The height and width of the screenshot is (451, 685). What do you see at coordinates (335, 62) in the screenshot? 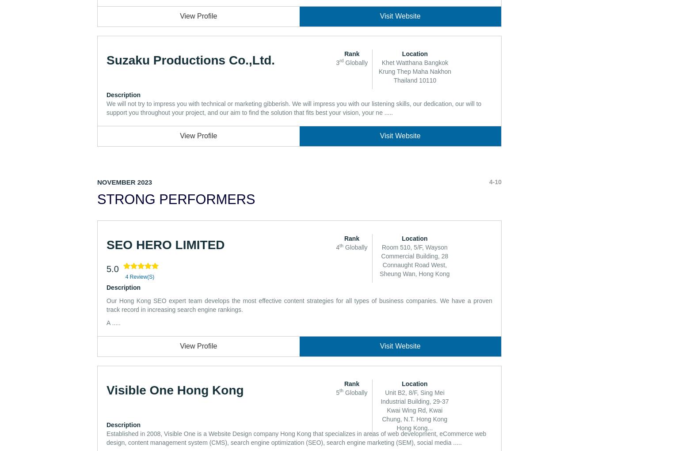
I see `'3'` at bounding box center [335, 62].